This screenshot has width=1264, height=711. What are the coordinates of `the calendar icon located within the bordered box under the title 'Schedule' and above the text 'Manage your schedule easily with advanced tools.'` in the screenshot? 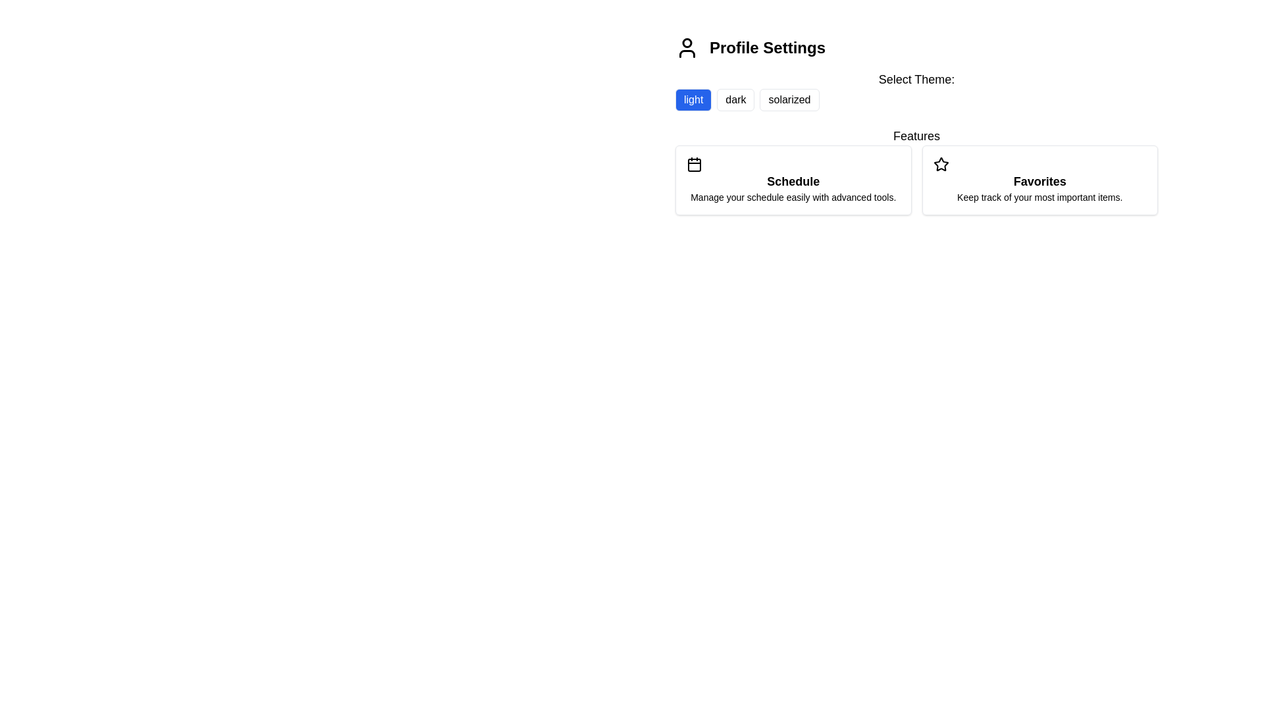 It's located at (694, 164).